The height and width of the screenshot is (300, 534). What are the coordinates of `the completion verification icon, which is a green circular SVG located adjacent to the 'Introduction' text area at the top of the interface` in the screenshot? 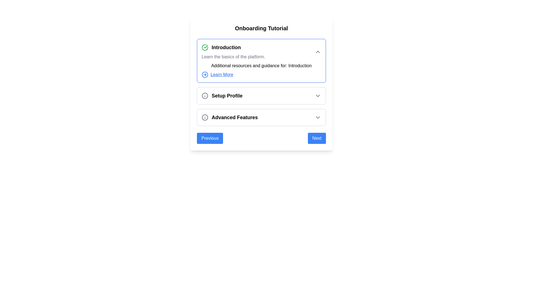 It's located at (206, 46).